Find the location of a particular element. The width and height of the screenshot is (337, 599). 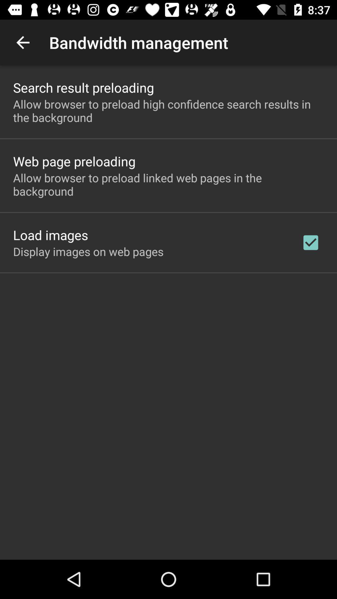

icon below the load images item is located at coordinates (88, 251).